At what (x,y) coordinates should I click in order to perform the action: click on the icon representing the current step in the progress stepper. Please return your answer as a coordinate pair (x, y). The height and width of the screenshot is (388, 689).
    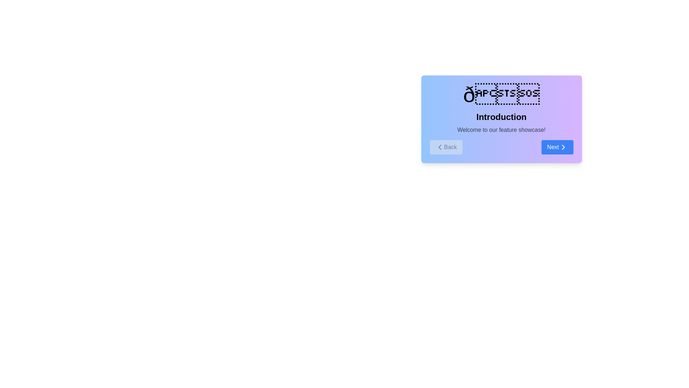
    Looking at the image, I should click on (501, 94).